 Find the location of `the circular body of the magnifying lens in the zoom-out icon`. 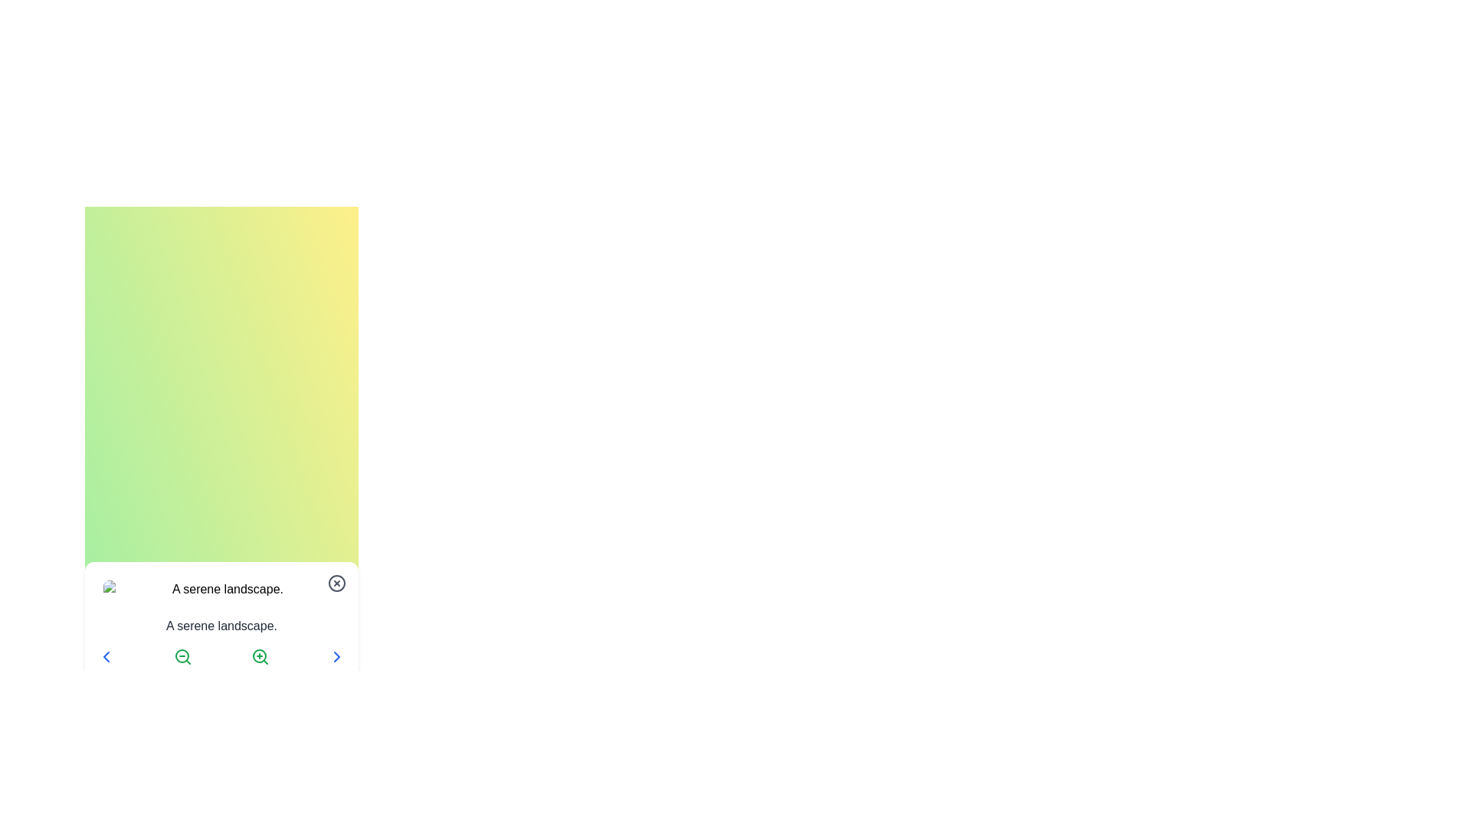

the circular body of the magnifying lens in the zoom-out icon is located at coordinates (182, 655).